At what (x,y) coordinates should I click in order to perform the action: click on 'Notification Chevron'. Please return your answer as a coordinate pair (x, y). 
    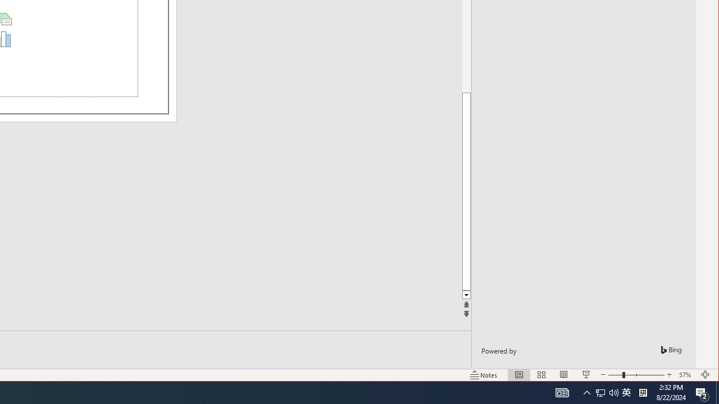
    Looking at the image, I should click on (586, 392).